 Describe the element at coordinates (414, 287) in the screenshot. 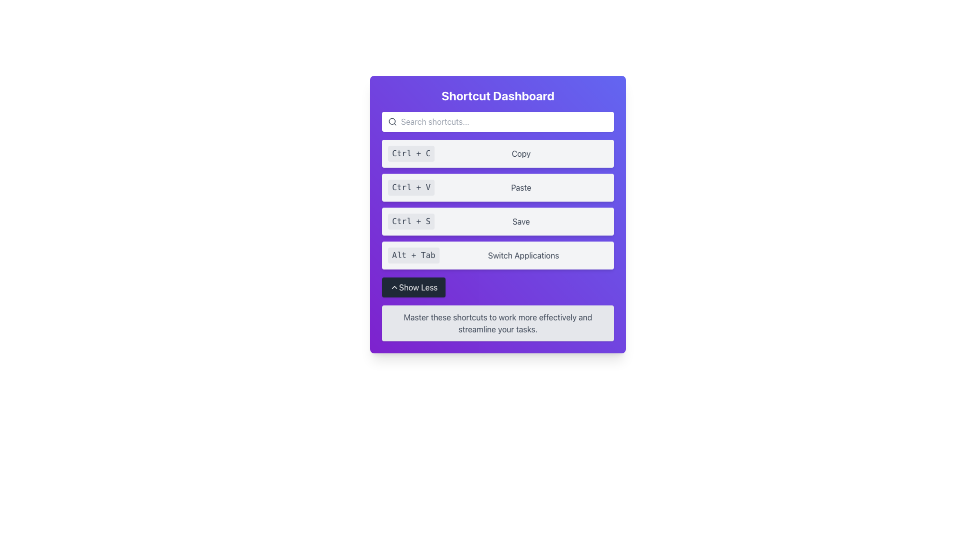

I see `the toggle button located at the bottom of the 'Shortcut Dashboard' card` at that location.